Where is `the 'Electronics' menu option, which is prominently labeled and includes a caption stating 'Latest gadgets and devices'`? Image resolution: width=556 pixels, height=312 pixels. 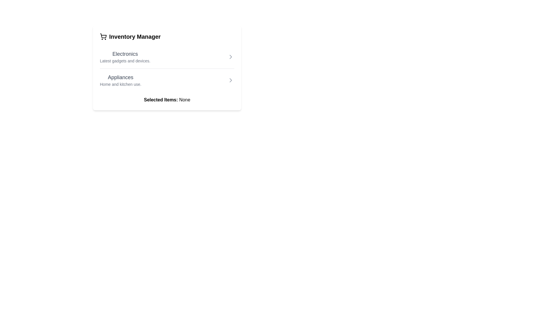
the 'Electronics' menu option, which is prominently labeled and includes a caption stating 'Latest gadgets and devices' is located at coordinates (167, 57).